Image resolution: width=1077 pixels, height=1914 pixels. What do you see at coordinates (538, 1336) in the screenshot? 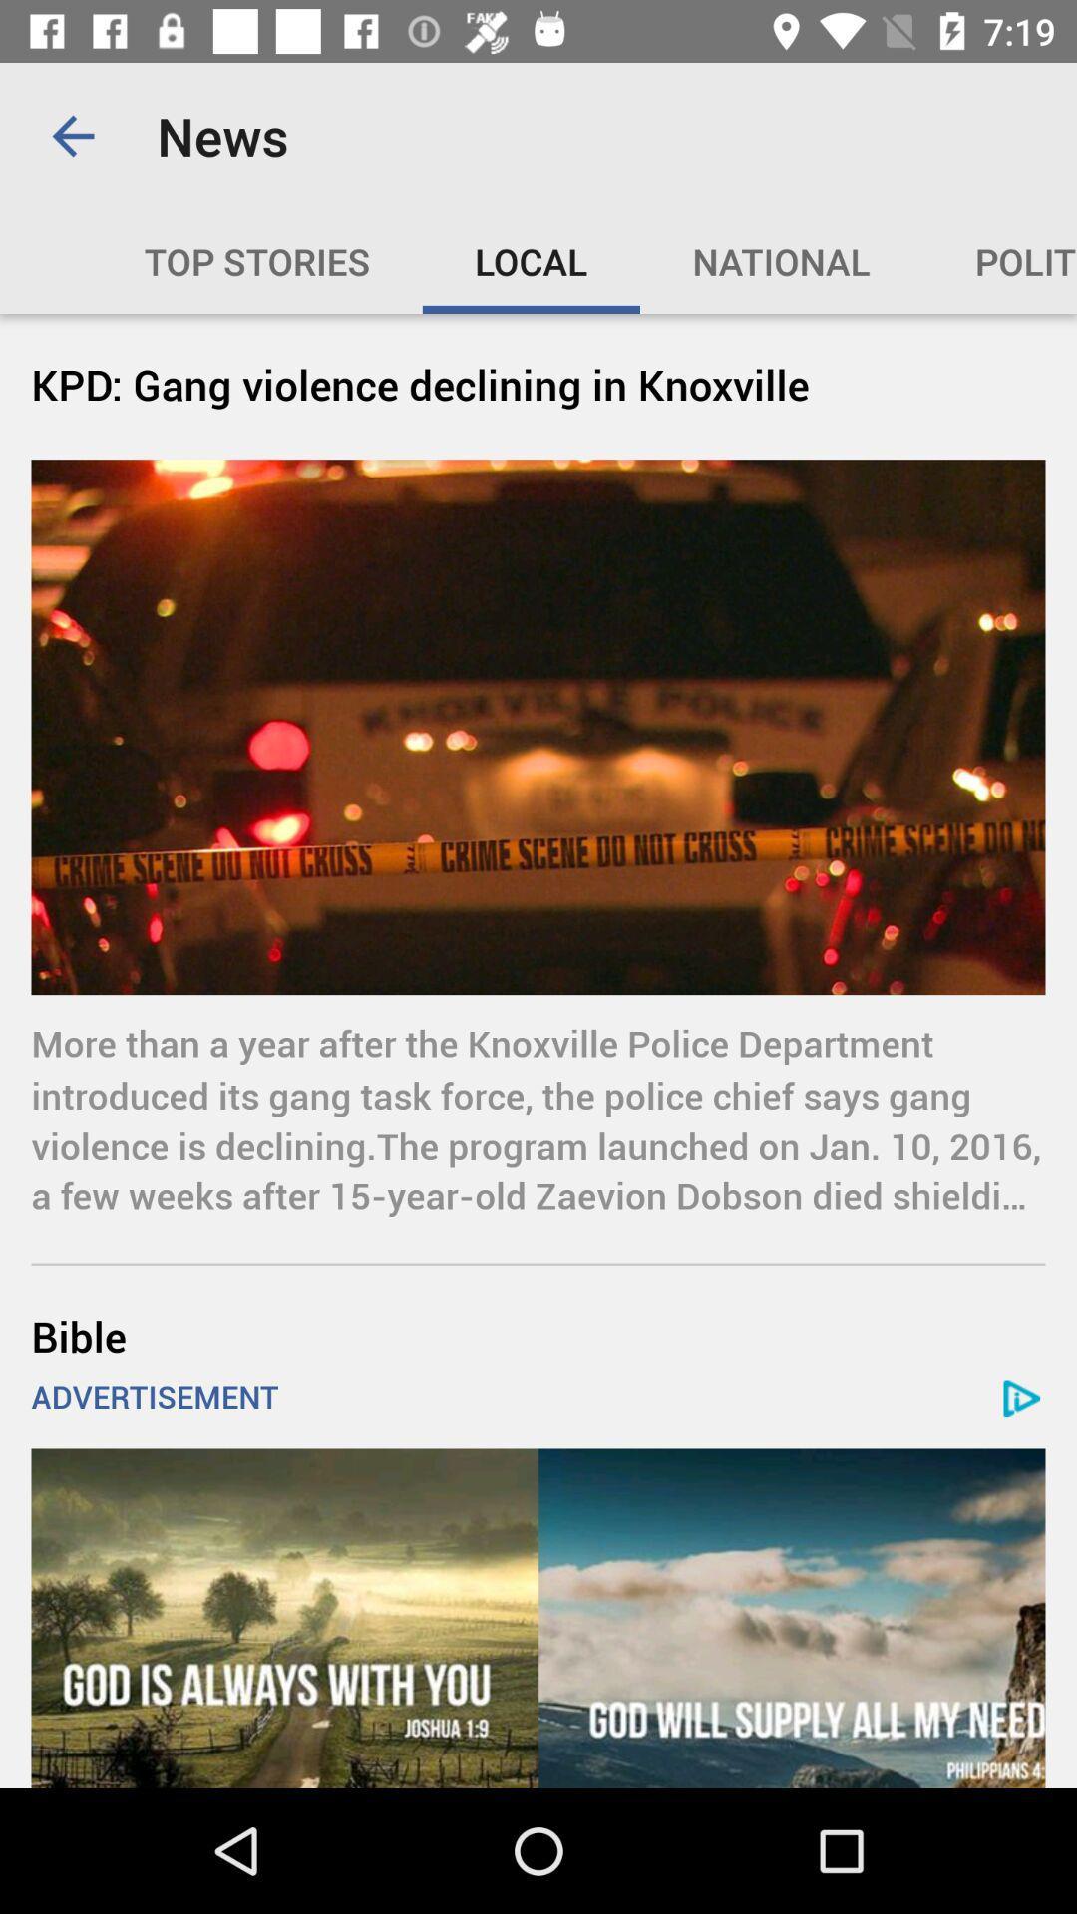
I see `the item below more than a icon` at bounding box center [538, 1336].